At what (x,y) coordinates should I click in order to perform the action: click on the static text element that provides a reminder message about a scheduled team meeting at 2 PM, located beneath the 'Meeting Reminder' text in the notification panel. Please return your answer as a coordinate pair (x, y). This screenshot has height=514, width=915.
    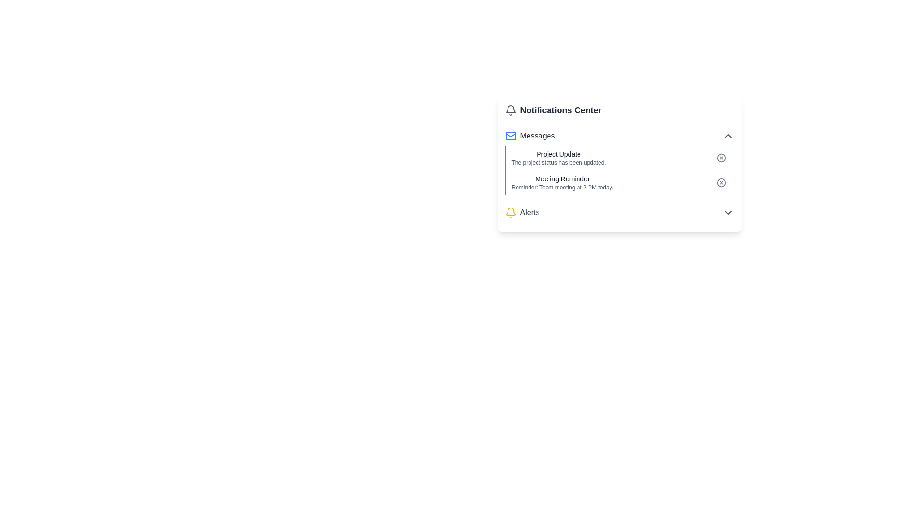
    Looking at the image, I should click on (562, 187).